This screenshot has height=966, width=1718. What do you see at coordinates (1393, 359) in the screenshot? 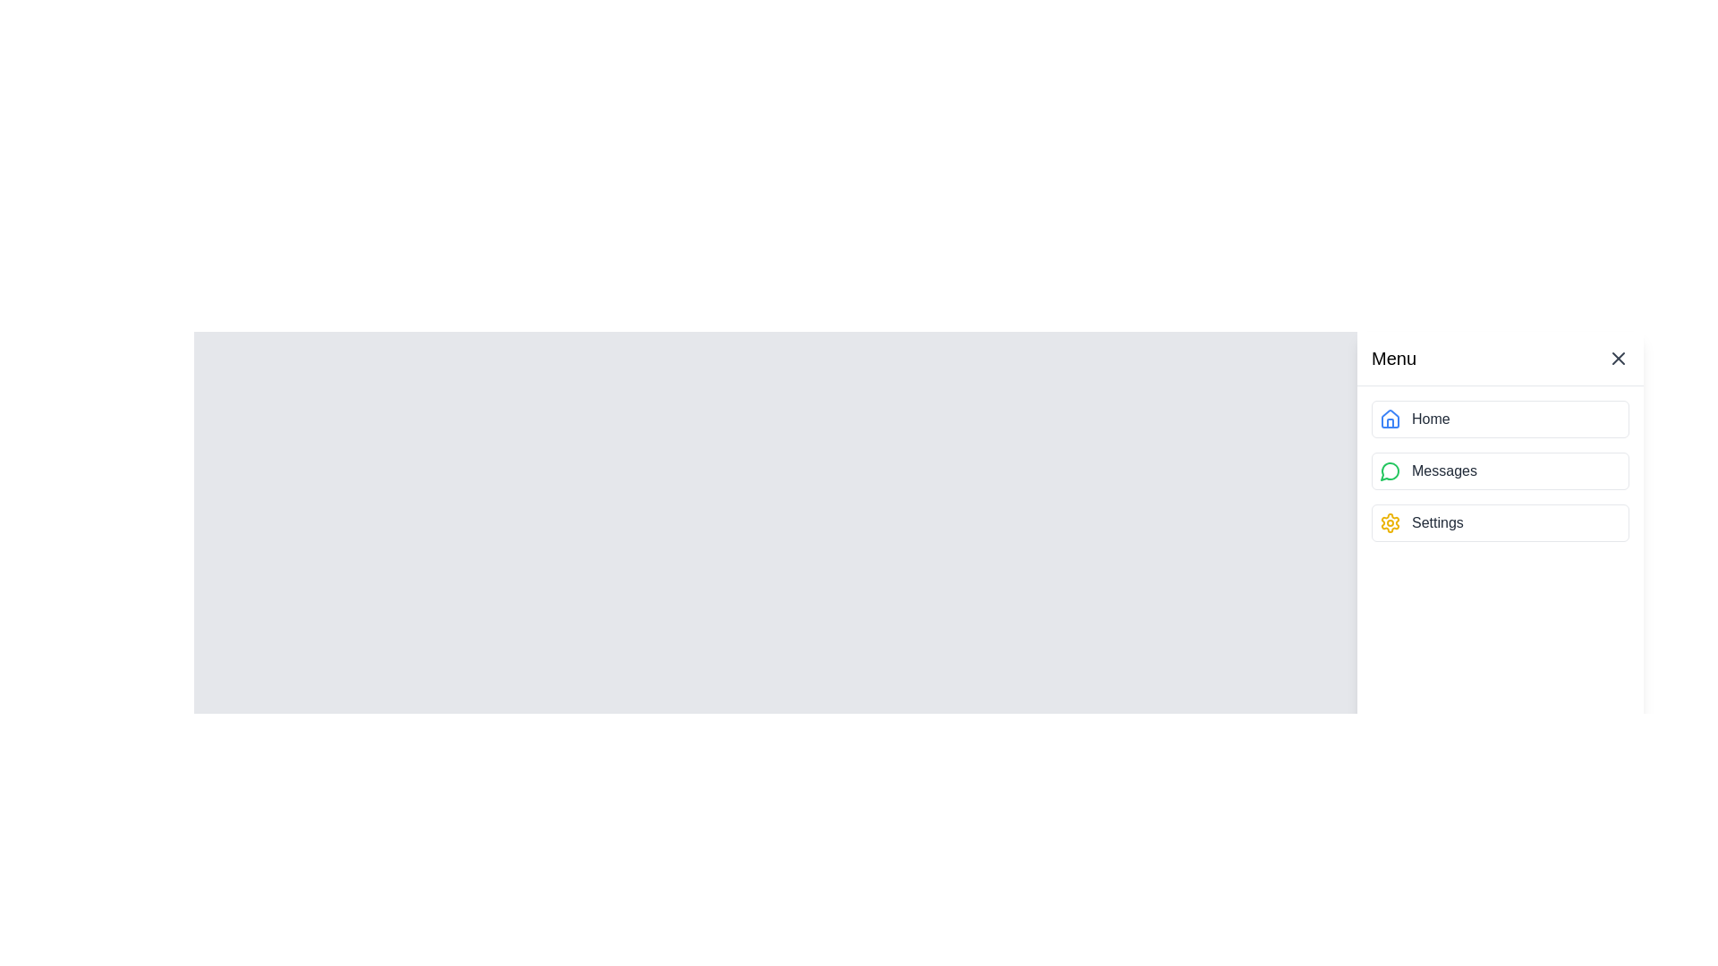
I see `the Text Label which serves as the title or header for the menu` at bounding box center [1393, 359].